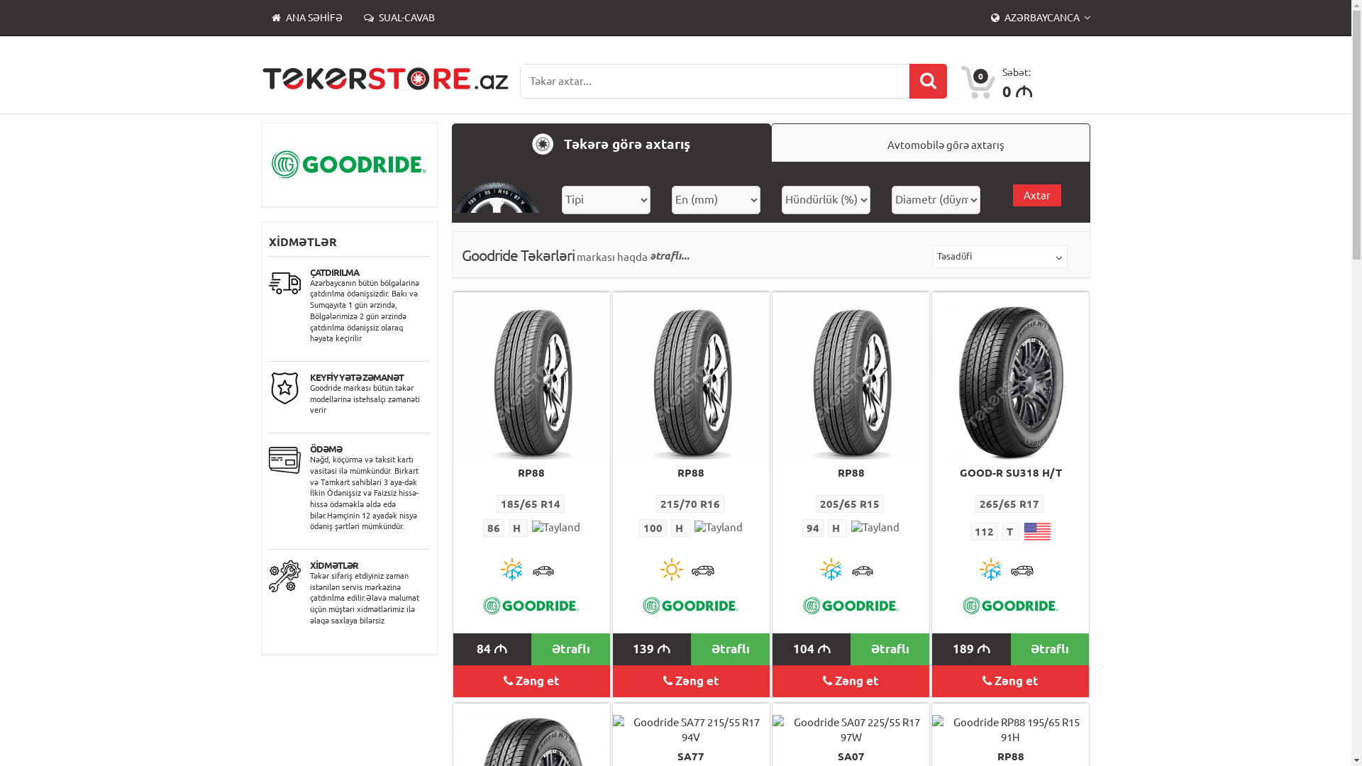 The width and height of the screenshot is (1362, 766). What do you see at coordinates (691, 375) in the screenshot?
I see `'Goodride RP88 215/70 R16 100H'` at bounding box center [691, 375].